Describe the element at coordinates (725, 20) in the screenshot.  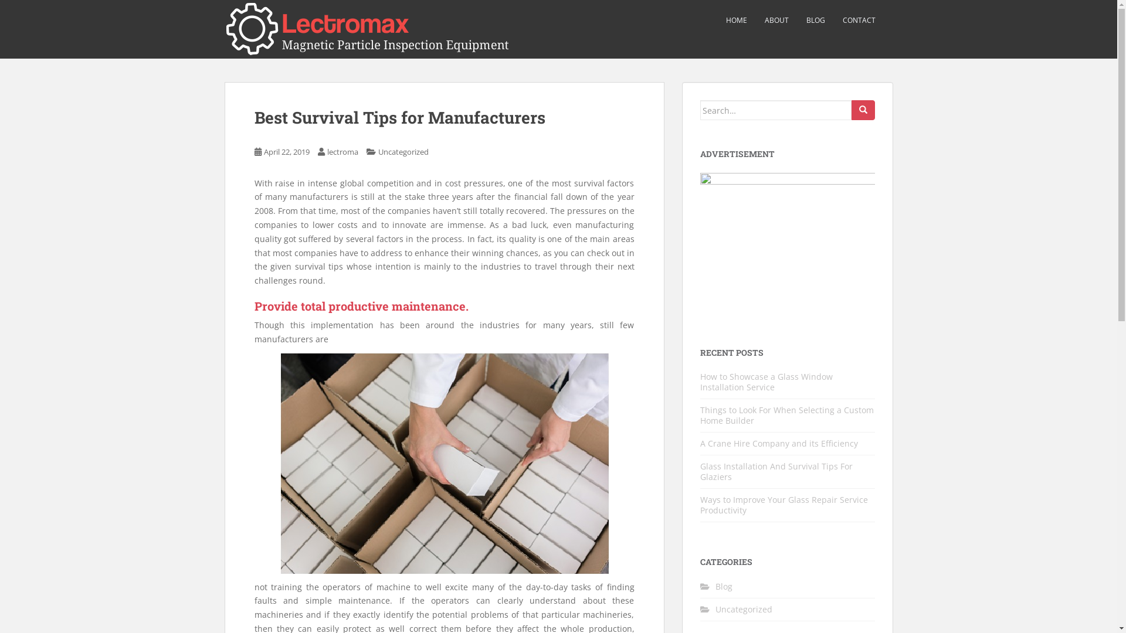
I see `'HOME'` at that location.